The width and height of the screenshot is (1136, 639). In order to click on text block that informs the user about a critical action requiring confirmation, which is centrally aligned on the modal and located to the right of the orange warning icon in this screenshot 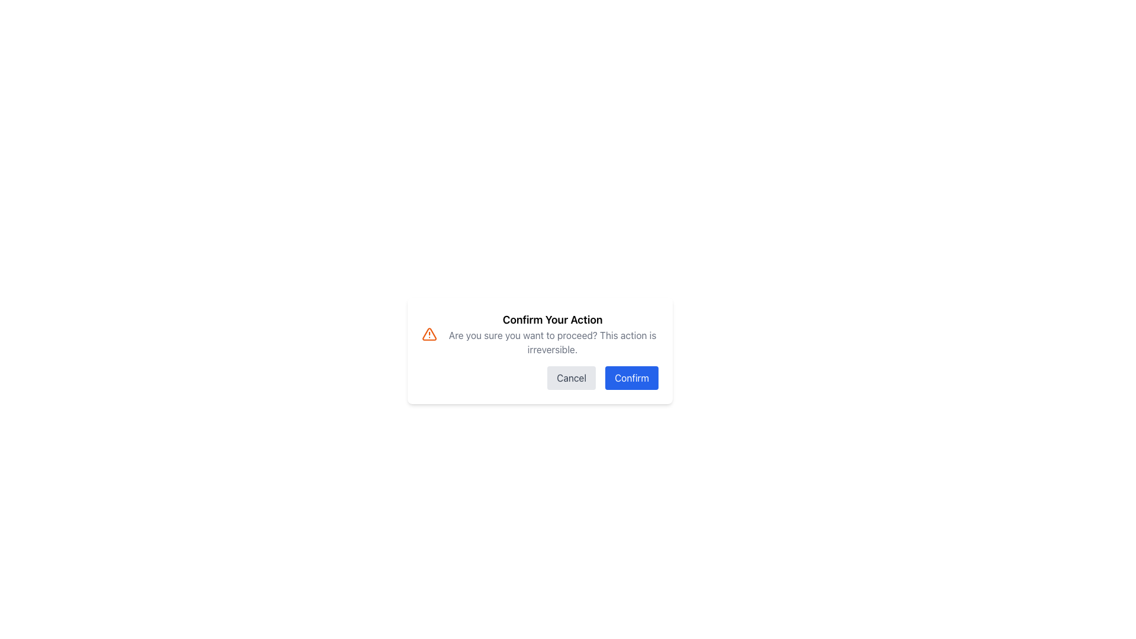, I will do `click(552, 334)`.